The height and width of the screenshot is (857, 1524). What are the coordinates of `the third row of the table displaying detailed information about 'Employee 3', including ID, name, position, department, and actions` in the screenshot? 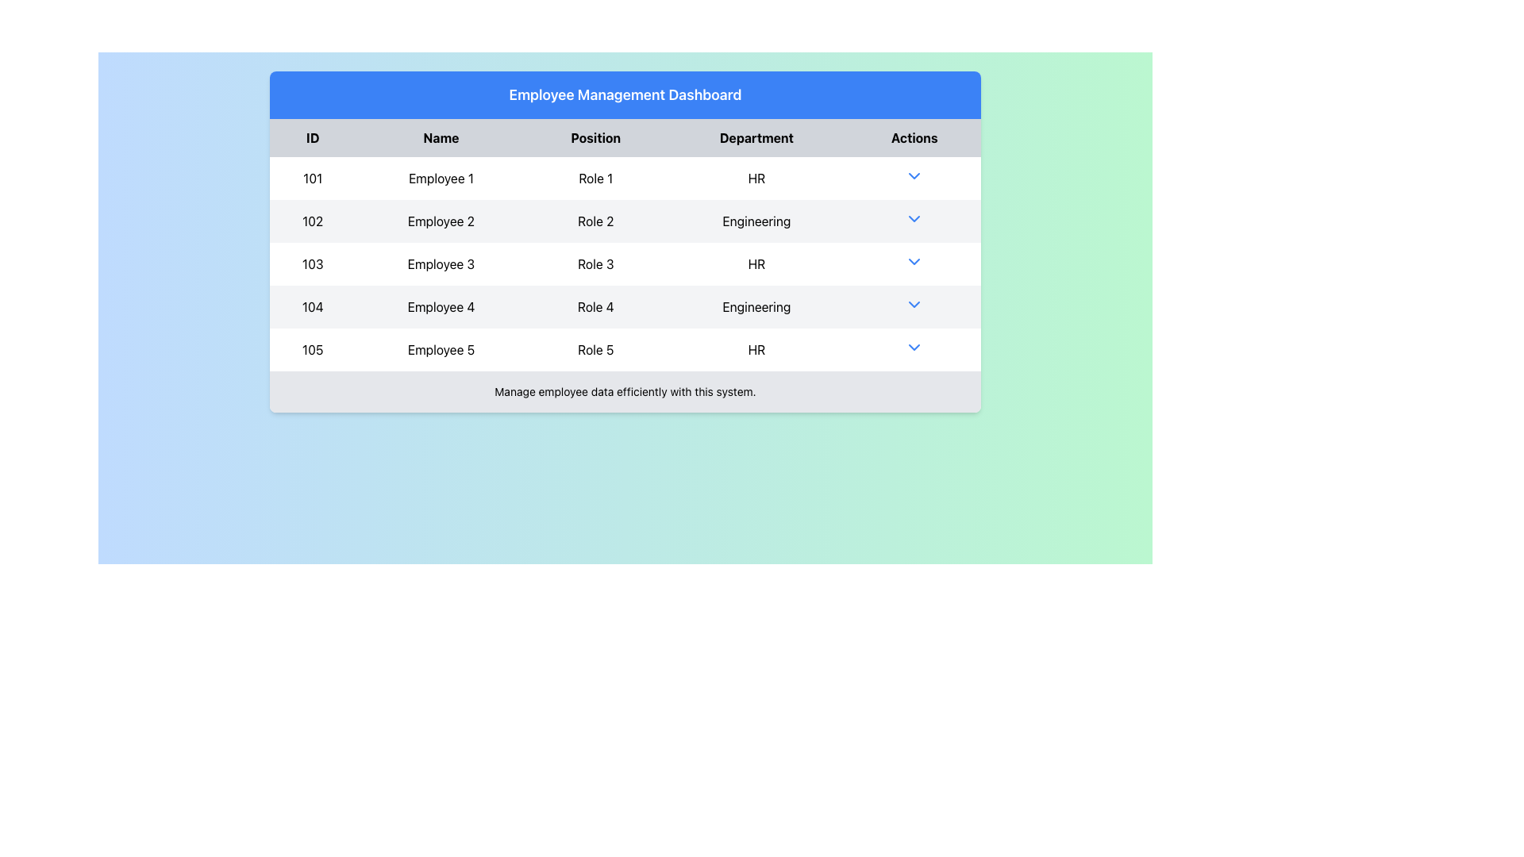 It's located at (624, 263).